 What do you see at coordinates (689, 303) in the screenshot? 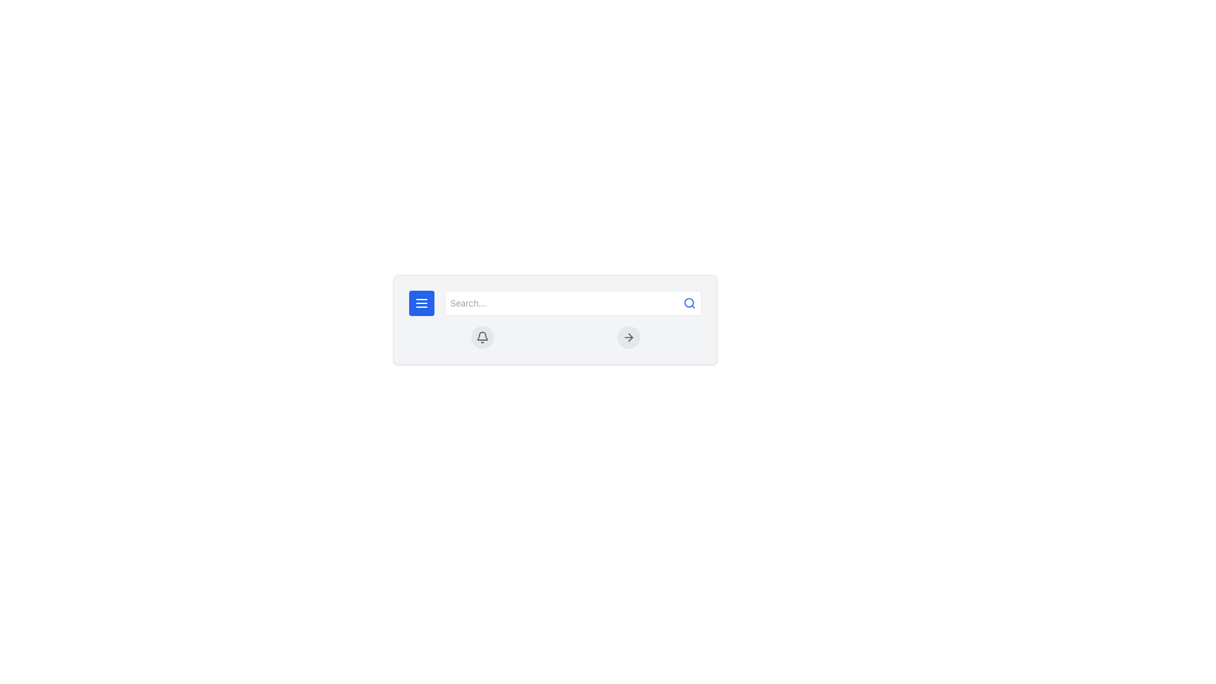
I see `the magnifying glass icon located at the right end inside the search bar` at bounding box center [689, 303].